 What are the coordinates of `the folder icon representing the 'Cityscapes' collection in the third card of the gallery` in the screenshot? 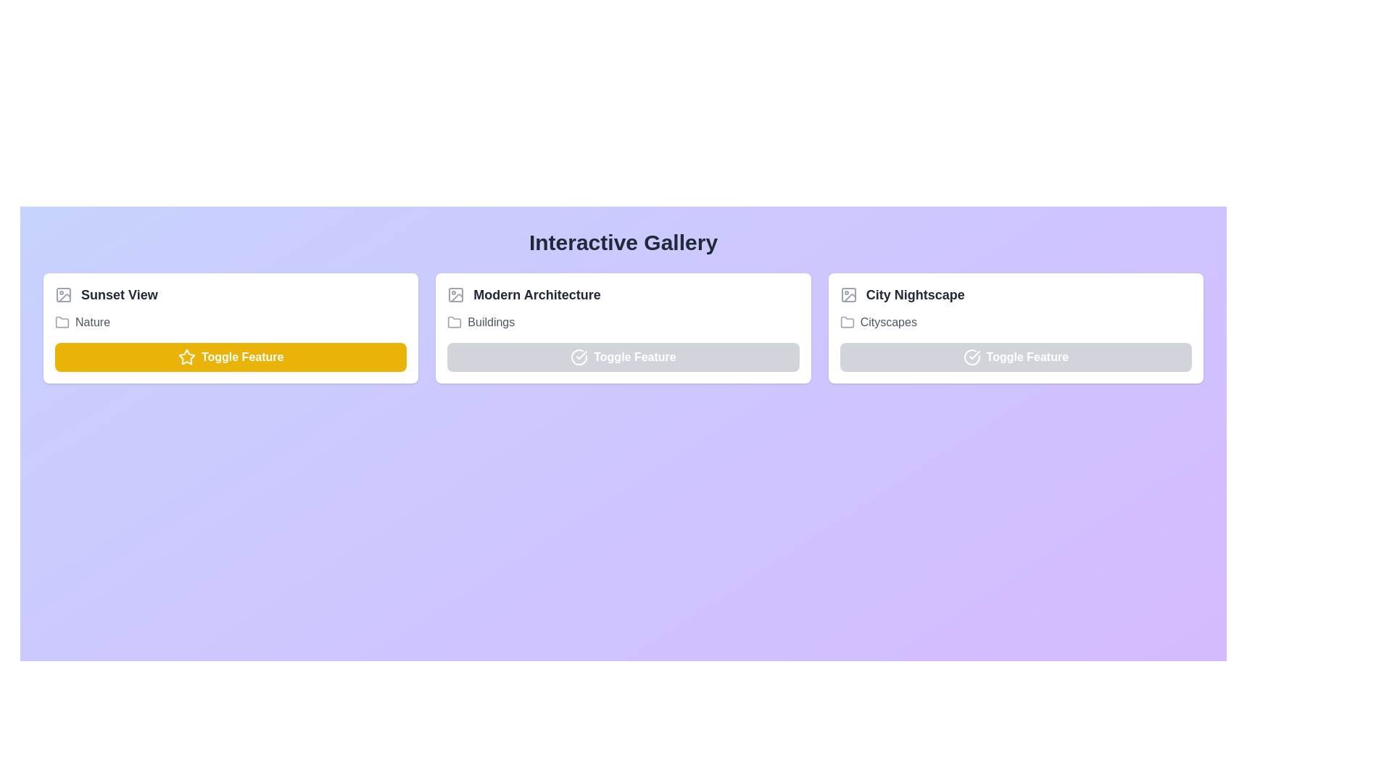 It's located at (847, 321).